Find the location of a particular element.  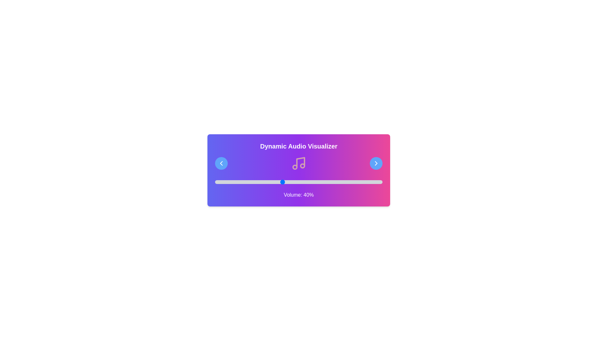

the volume slider to set the volume to 0% is located at coordinates (215, 182).